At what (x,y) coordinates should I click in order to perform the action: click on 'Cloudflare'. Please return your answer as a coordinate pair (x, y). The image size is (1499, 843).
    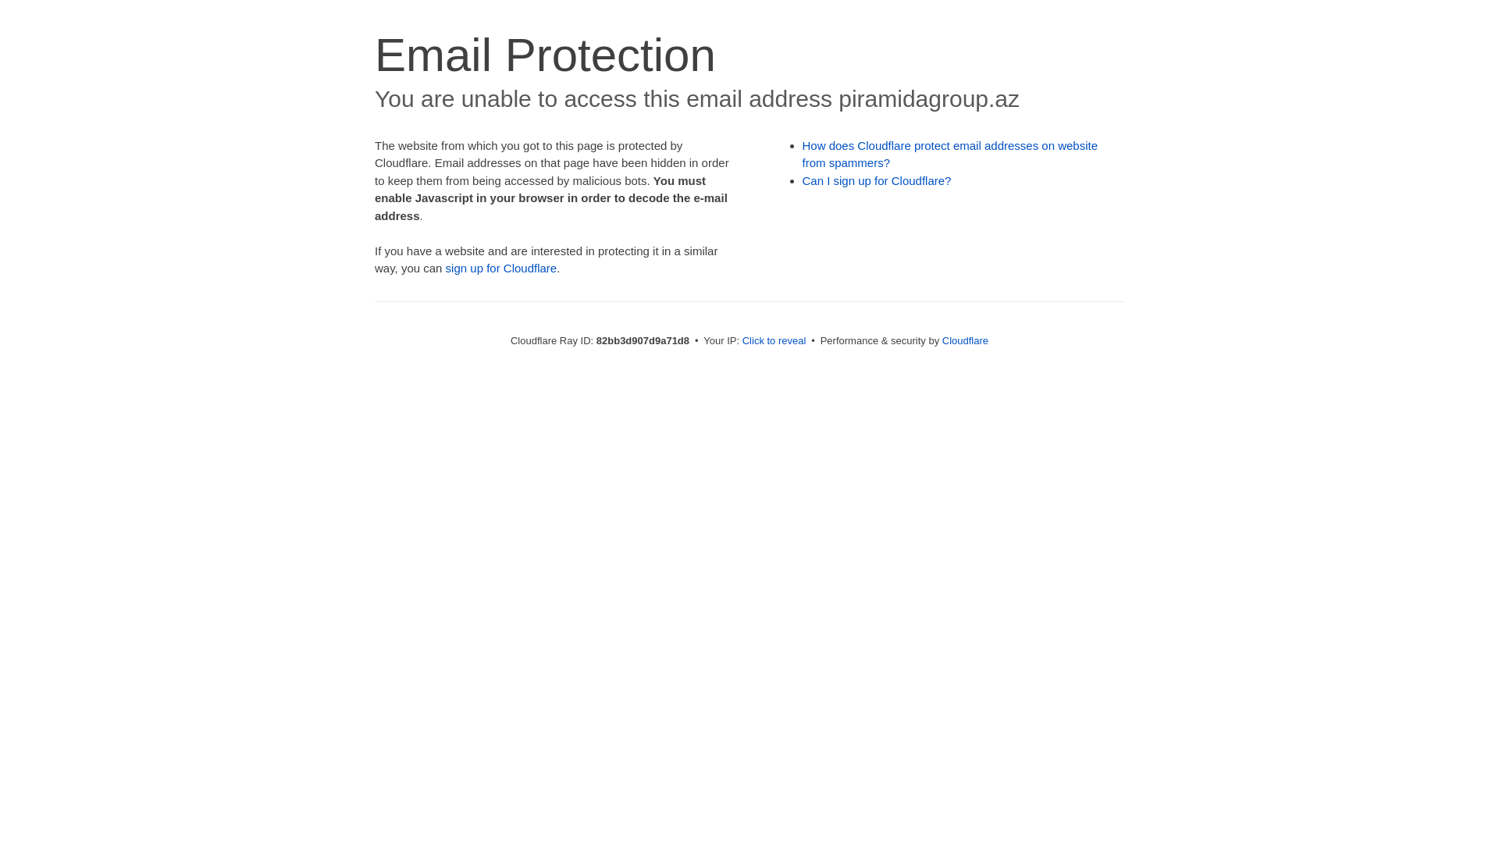
    Looking at the image, I should click on (964, 340).